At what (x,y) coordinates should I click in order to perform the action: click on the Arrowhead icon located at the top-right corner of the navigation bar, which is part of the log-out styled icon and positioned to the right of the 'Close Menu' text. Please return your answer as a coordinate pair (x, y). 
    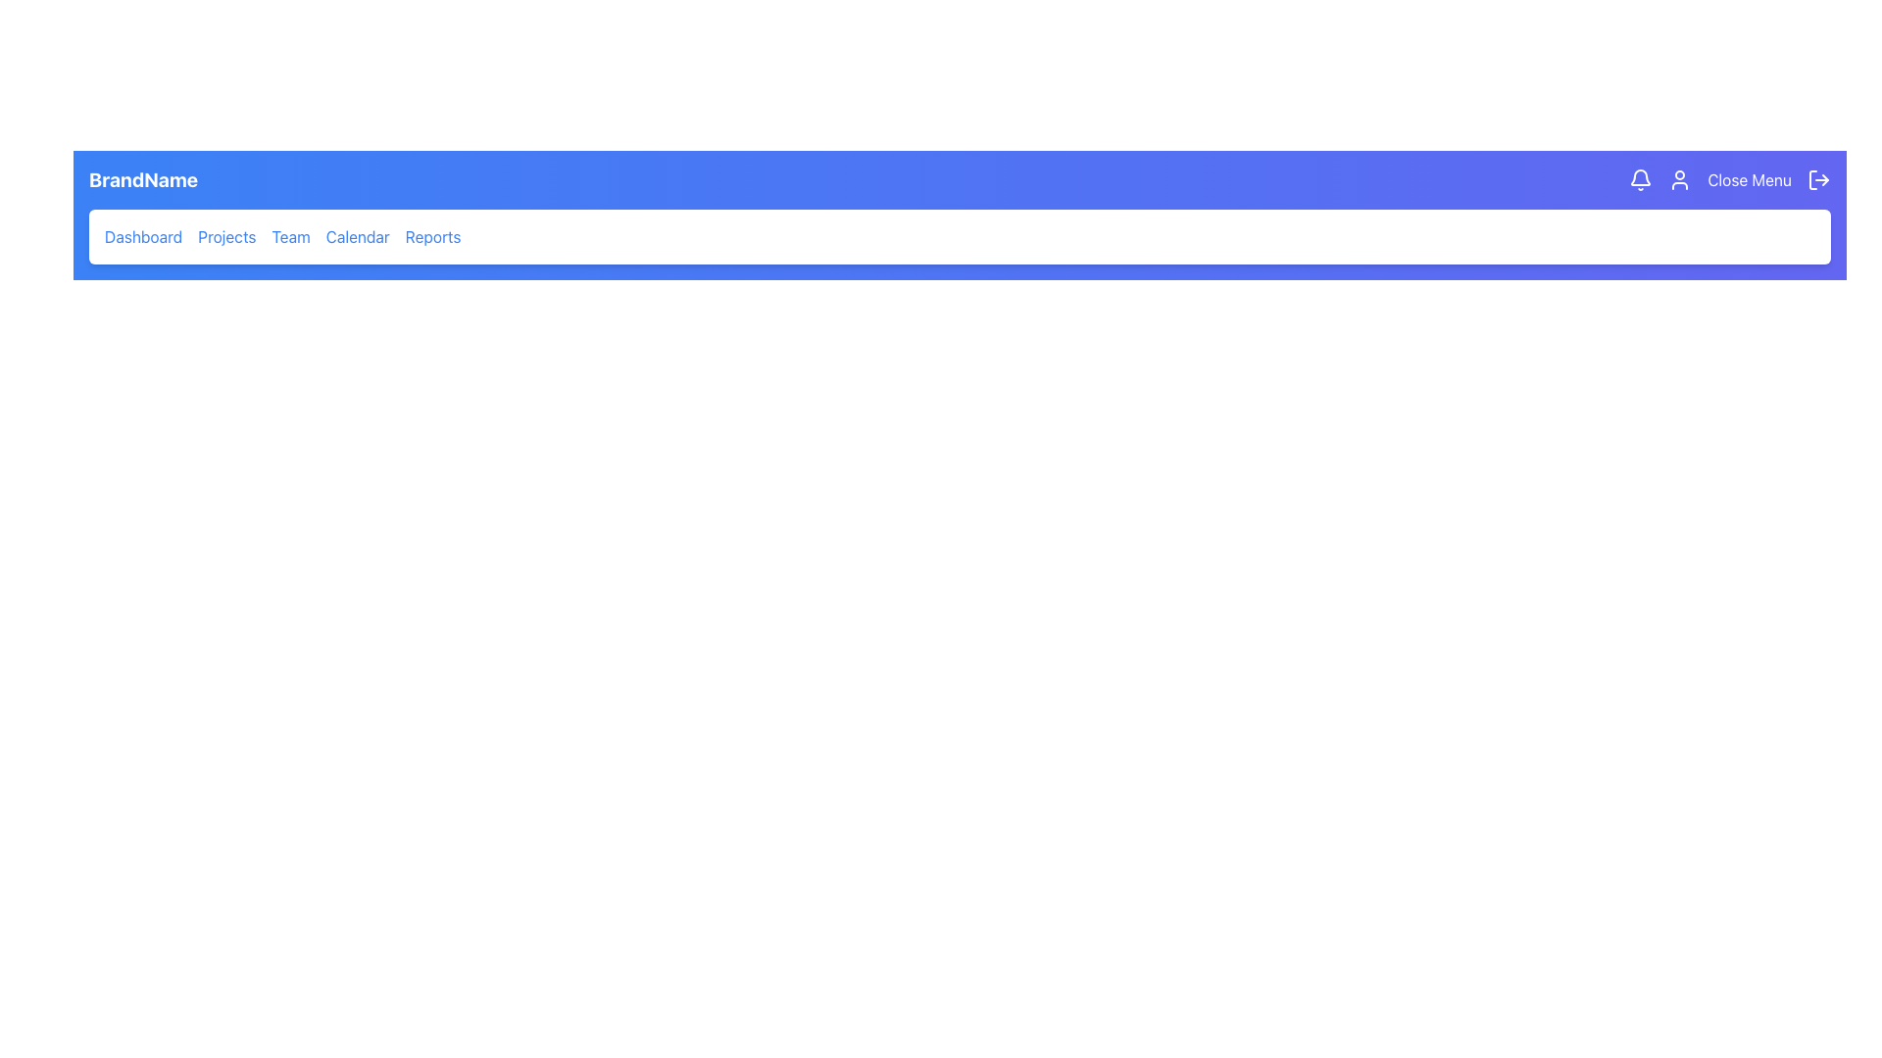
    Looking at the image, I should click on (1824, 180).